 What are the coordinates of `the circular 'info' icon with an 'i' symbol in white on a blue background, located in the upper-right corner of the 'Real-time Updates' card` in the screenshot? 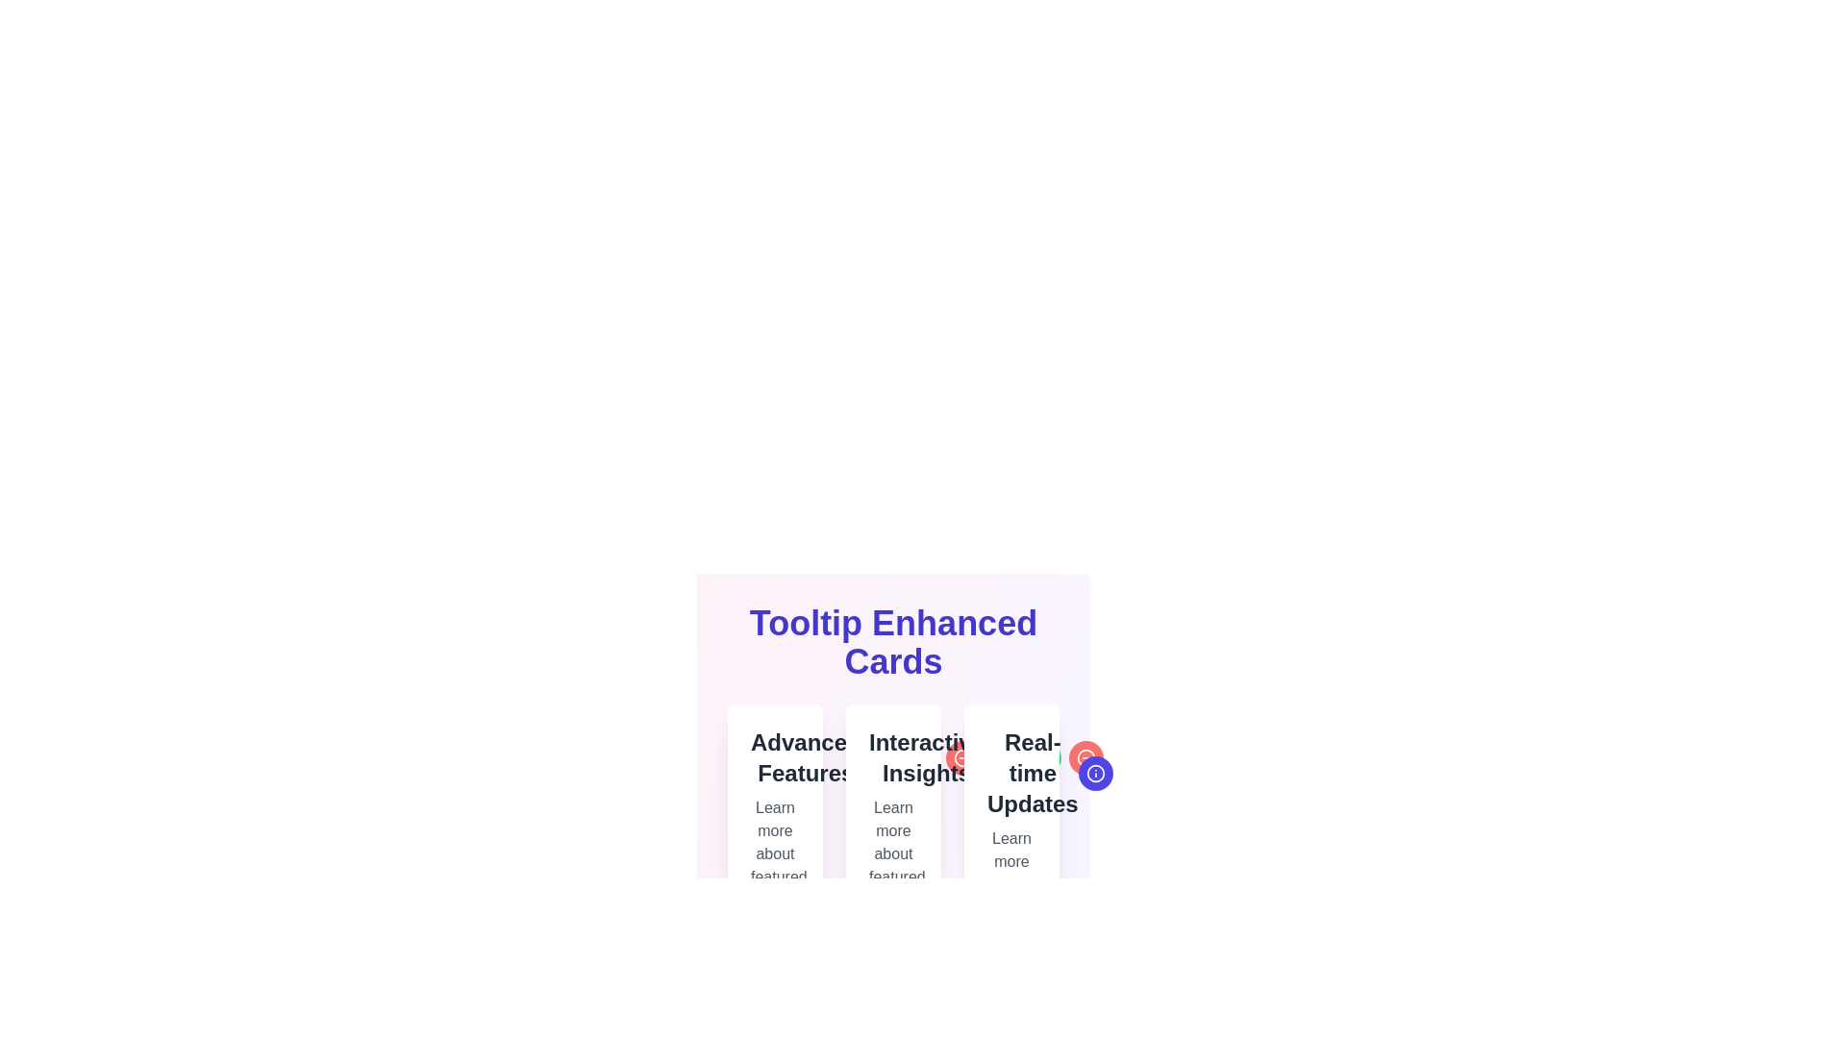 It's located at (1095, 773).